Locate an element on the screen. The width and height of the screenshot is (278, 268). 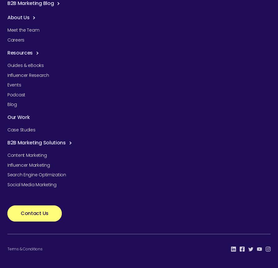
'Blog' is located at coordinates (11, 104).